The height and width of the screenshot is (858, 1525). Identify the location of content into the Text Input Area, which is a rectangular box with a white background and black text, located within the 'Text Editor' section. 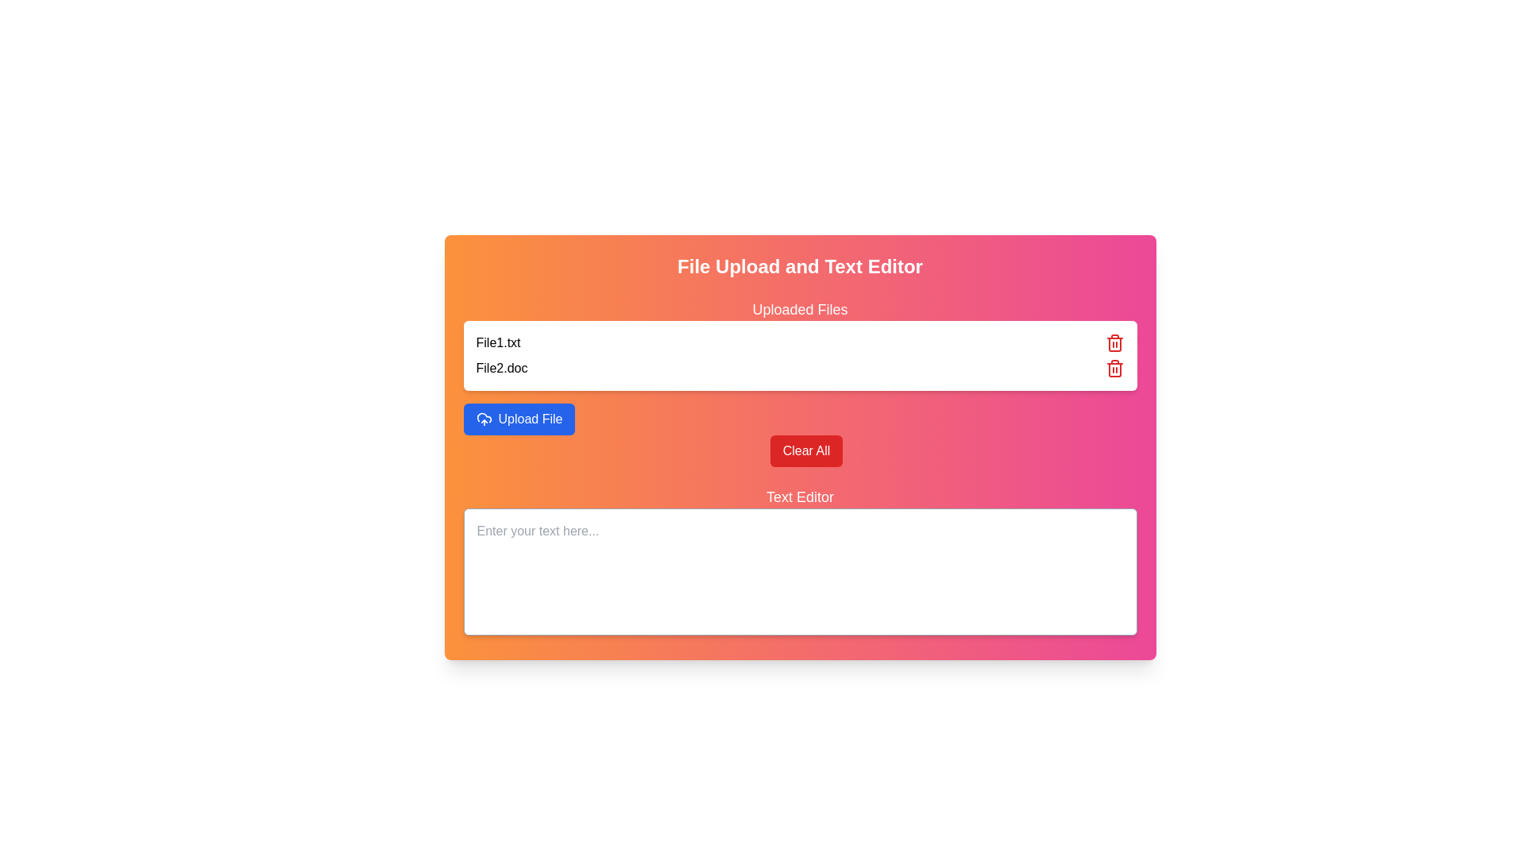
(800, 562).